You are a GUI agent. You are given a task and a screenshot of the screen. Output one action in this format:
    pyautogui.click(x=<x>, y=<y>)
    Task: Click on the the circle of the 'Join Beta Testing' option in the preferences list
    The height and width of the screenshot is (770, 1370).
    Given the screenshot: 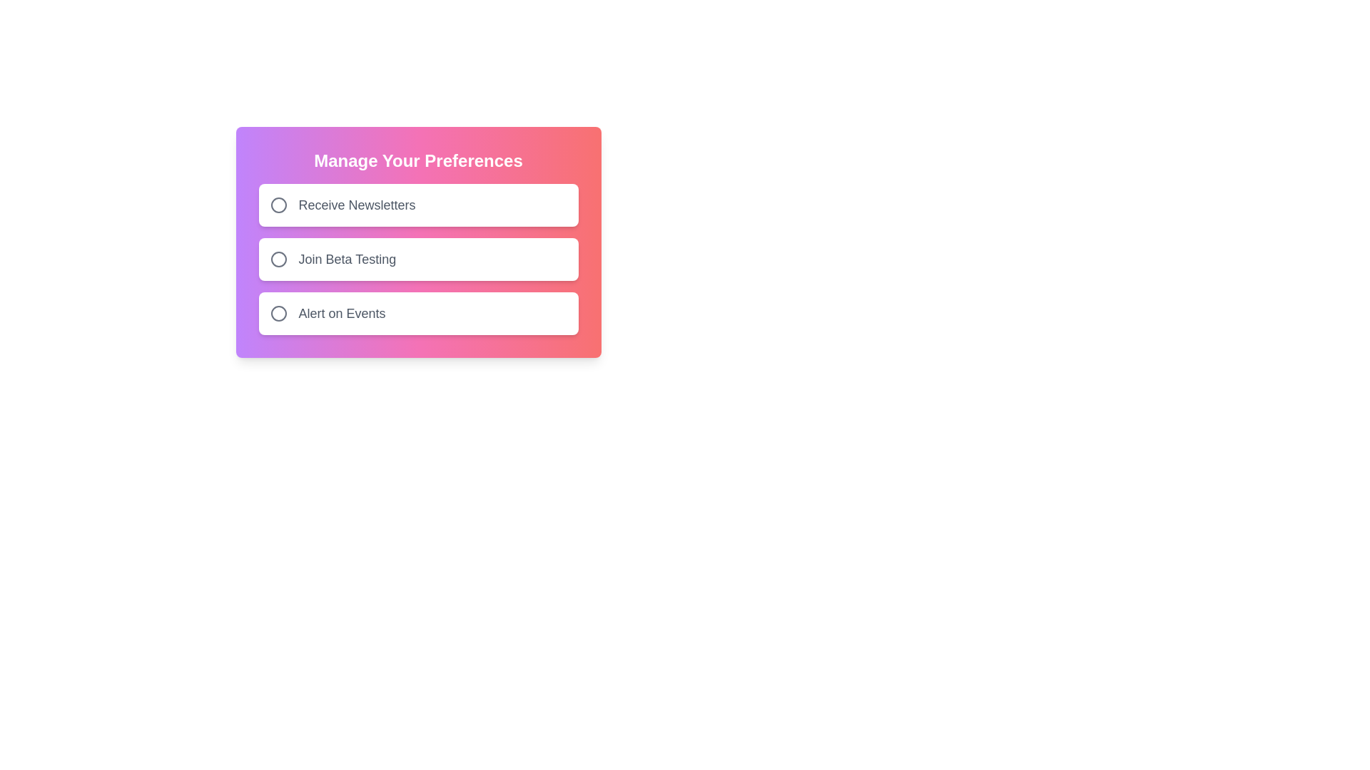 What is the action you would take?
    pyautogui.click(x=417, y=259)
    